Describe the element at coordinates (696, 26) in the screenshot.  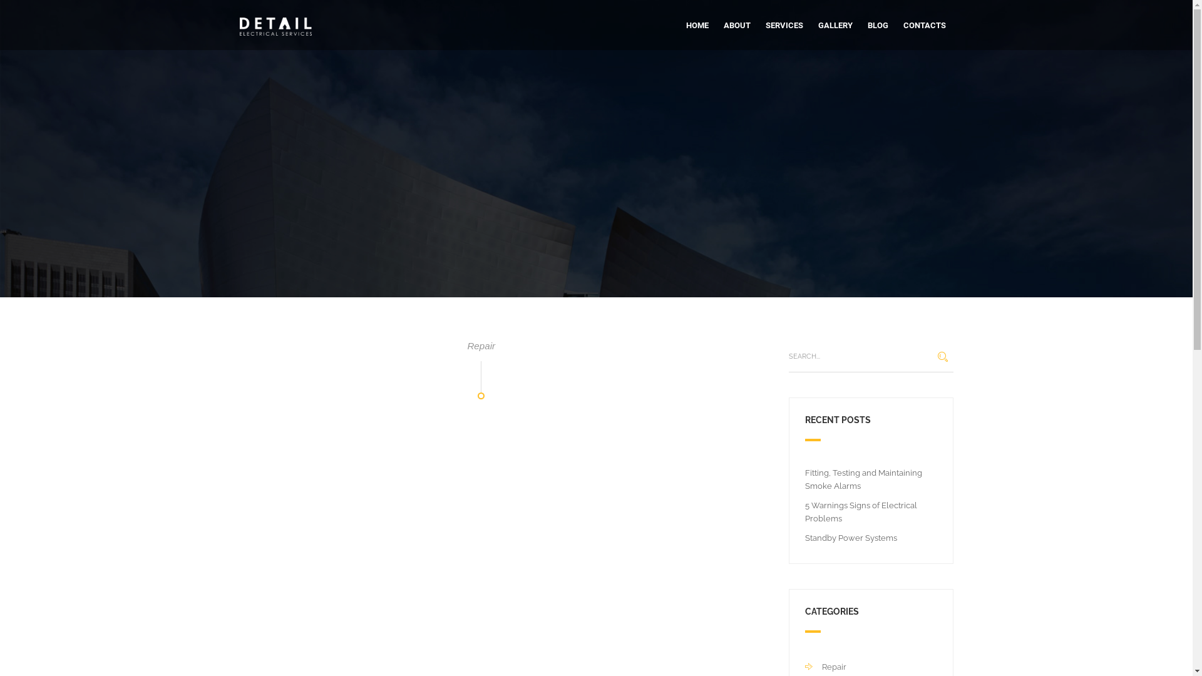
I see `'HOME'` at that location.